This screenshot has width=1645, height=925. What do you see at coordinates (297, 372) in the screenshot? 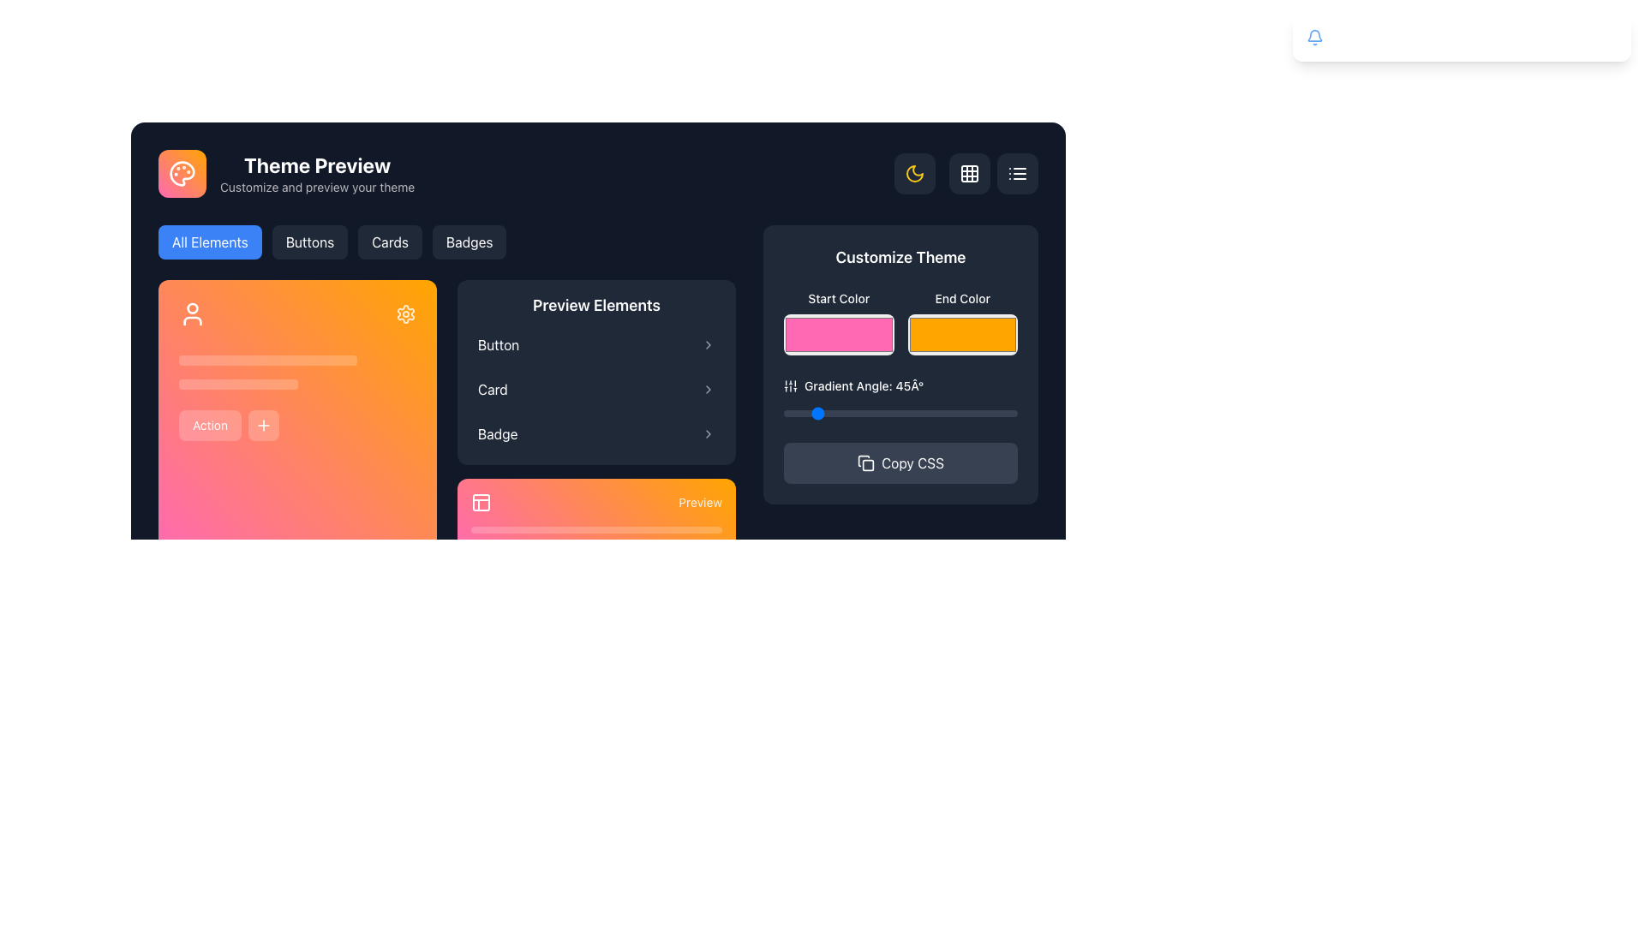
I see `the composite UI component consisting of two rounded progress bars located in the middle section of the gradient-colored panel on the left side of the interface` at bounding box center [297, 372].